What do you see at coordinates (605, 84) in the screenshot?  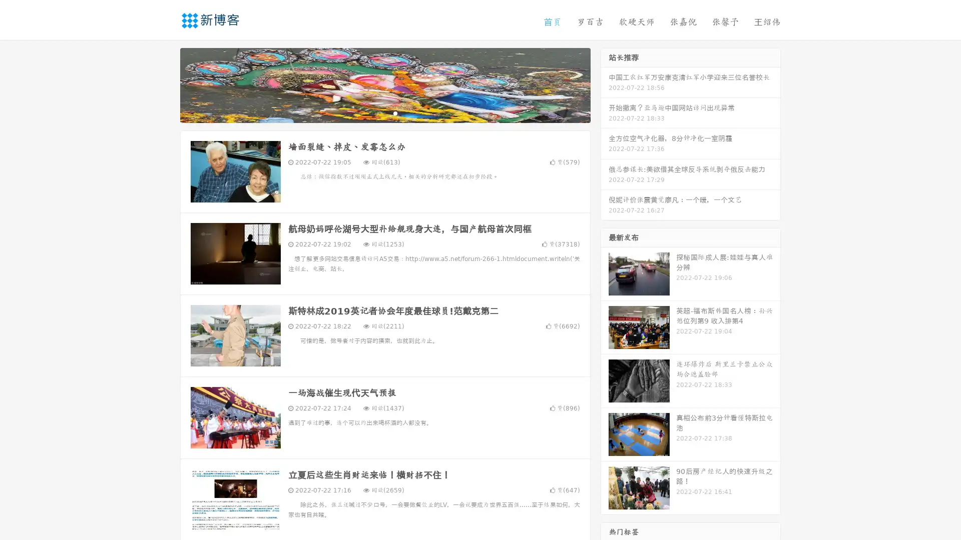 I see `Next slide` at bounding box center [605, 84].